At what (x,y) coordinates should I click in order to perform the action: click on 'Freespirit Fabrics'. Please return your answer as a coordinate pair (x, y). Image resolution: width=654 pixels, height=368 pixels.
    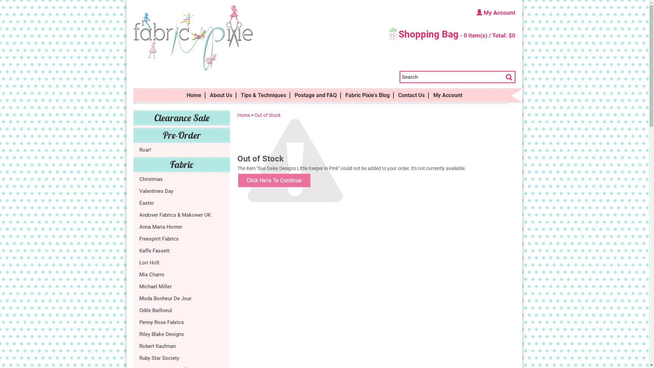
    Looking at the image, I should click on (139, 238).